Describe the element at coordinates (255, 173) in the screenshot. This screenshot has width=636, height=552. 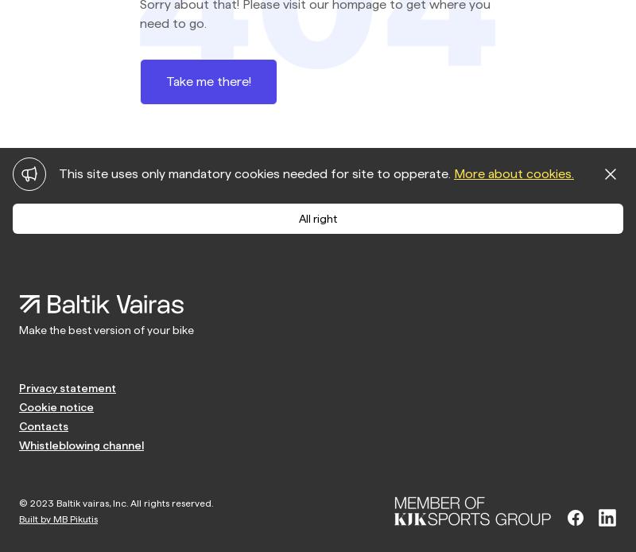
I see `'This site uses only mandatory cookies needed for site to opperate.'` at that location.